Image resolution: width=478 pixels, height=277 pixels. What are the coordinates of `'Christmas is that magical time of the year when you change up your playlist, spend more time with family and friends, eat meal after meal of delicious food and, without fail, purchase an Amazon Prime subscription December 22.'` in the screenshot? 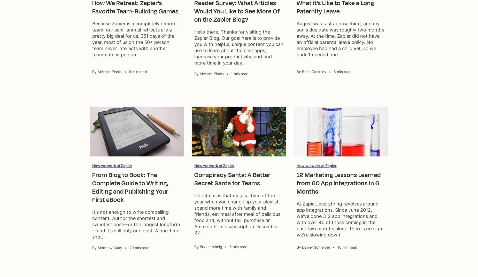 It's located at (237, 214).